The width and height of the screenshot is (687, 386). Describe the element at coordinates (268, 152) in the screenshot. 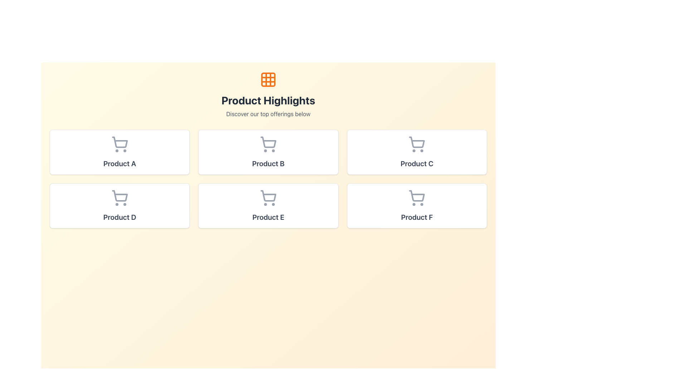

I see `the clickable card for 'Product B'` at that location.